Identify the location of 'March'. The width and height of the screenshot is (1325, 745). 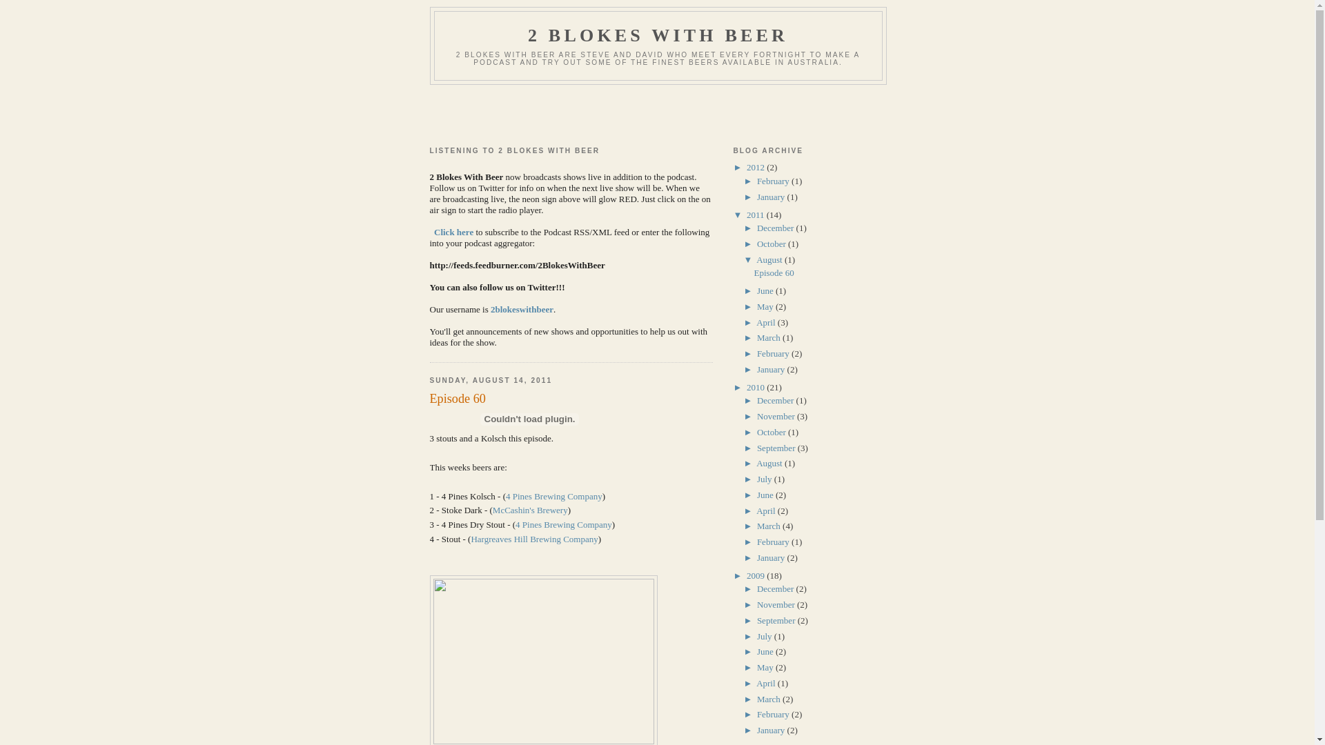
(756, 337).